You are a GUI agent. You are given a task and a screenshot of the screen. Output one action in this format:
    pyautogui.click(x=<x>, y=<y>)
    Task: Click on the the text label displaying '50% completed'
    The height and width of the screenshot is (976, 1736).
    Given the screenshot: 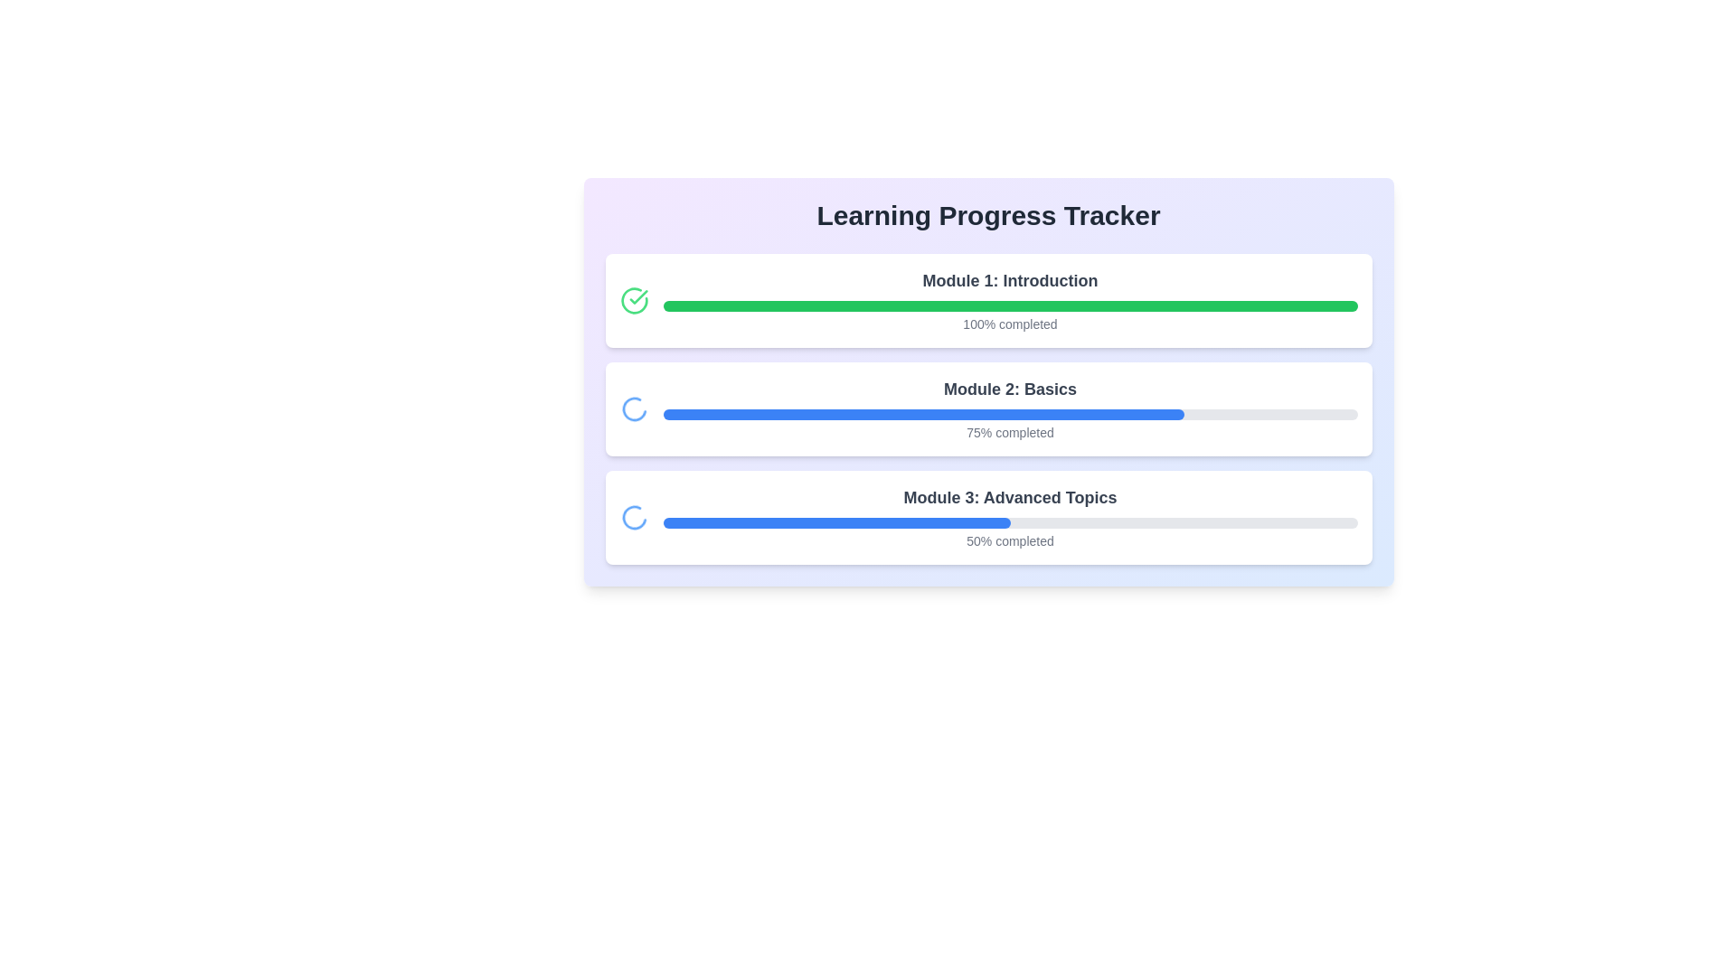 What is the action you would take?
    pyautogui.click(x=1009, y=540)
    